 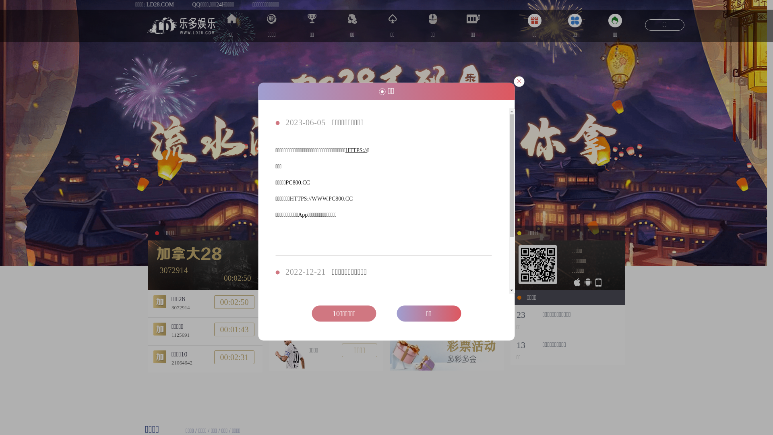 What do you see at coordinates (321, 199) in the screenshot?
I see `'HTTPS://WWW.PC800.CC'` at bounding box center [321, 199].